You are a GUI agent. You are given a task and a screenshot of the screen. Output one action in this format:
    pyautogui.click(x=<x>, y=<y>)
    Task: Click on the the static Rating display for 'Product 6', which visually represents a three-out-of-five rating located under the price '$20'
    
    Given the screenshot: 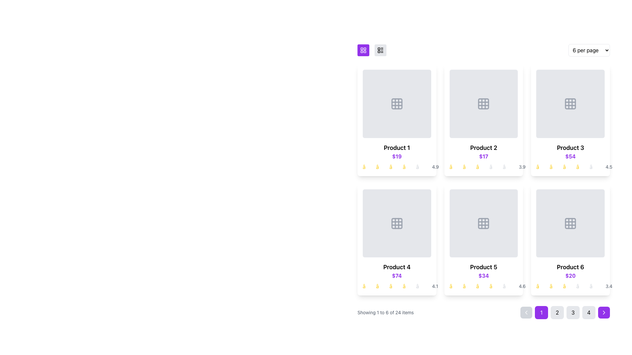 What is the action you would take?
    pyautogui.click(x=569, y=286)
    